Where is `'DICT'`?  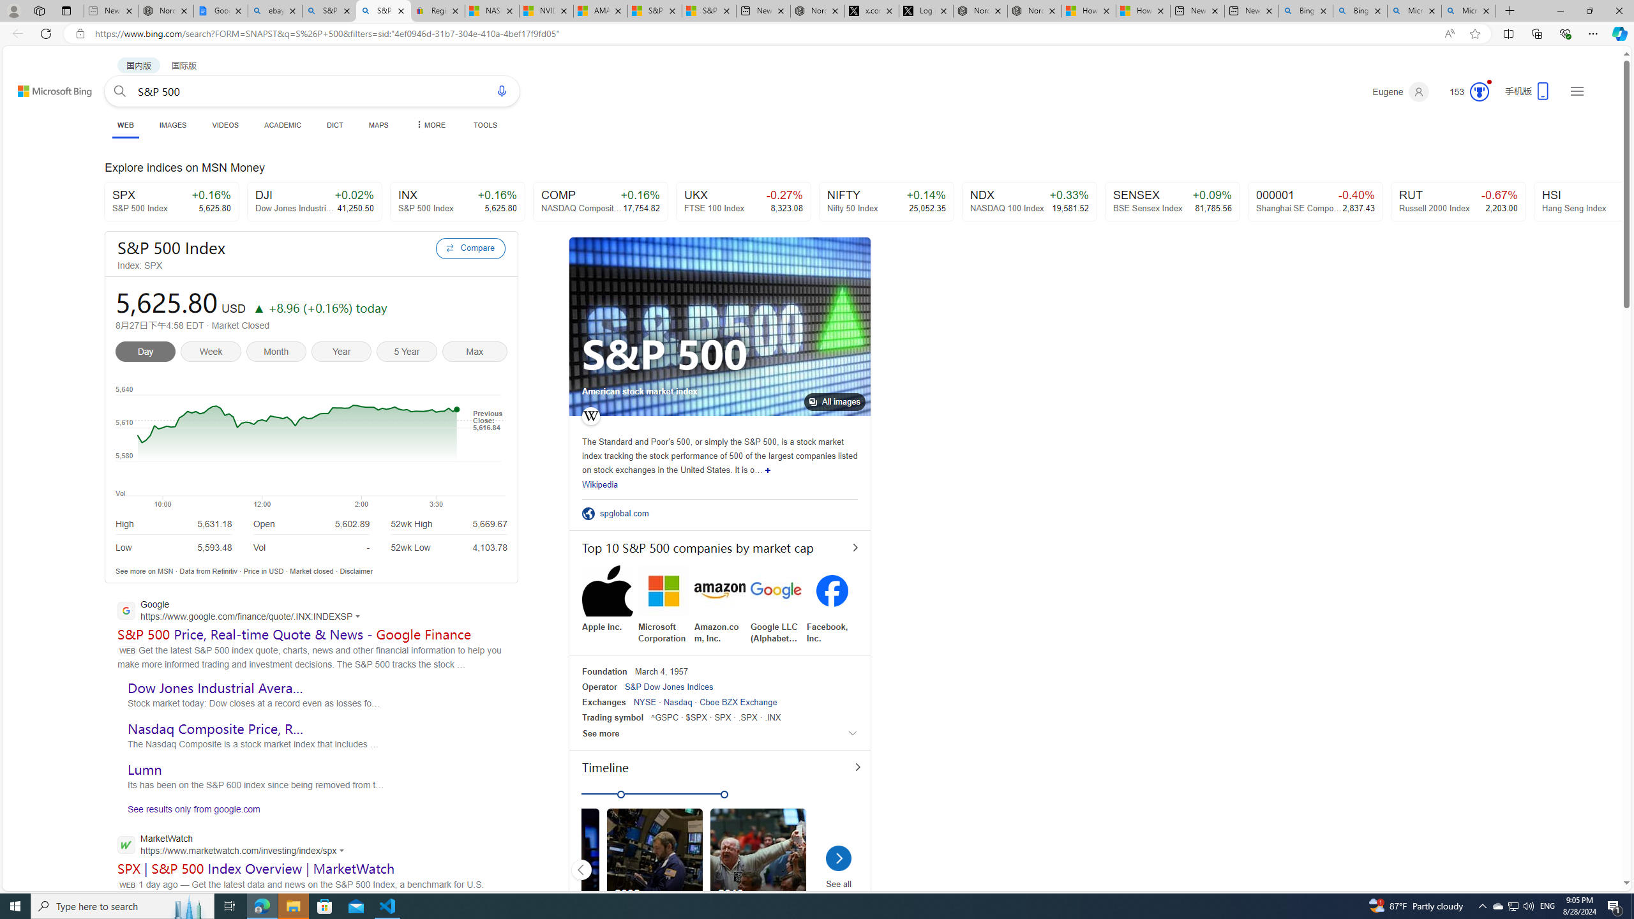
'DICT' is located at coordinates (334, 124).